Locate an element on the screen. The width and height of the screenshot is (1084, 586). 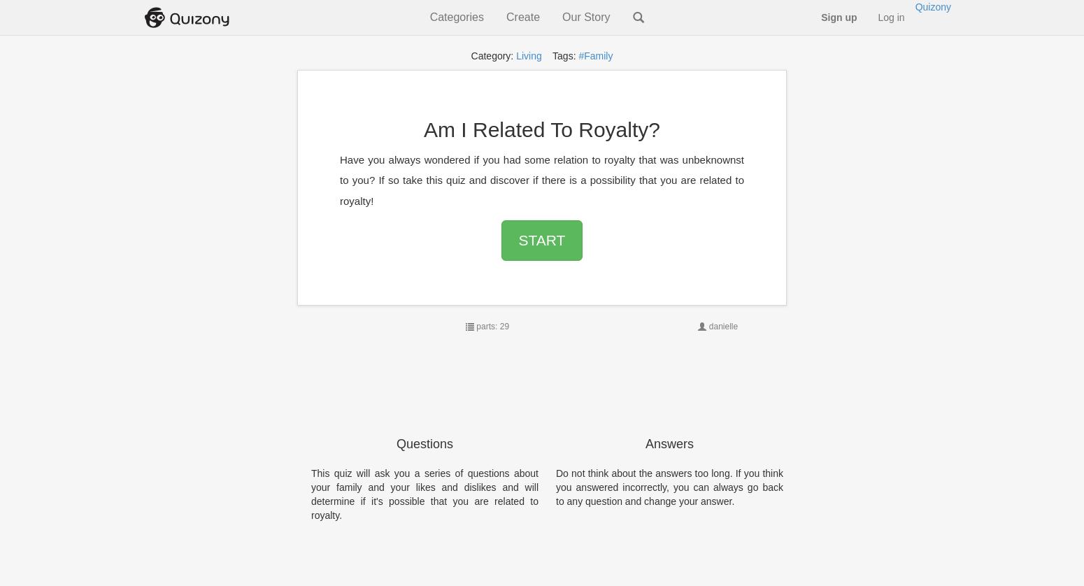
'Living' is located at coordinates (528, 56).